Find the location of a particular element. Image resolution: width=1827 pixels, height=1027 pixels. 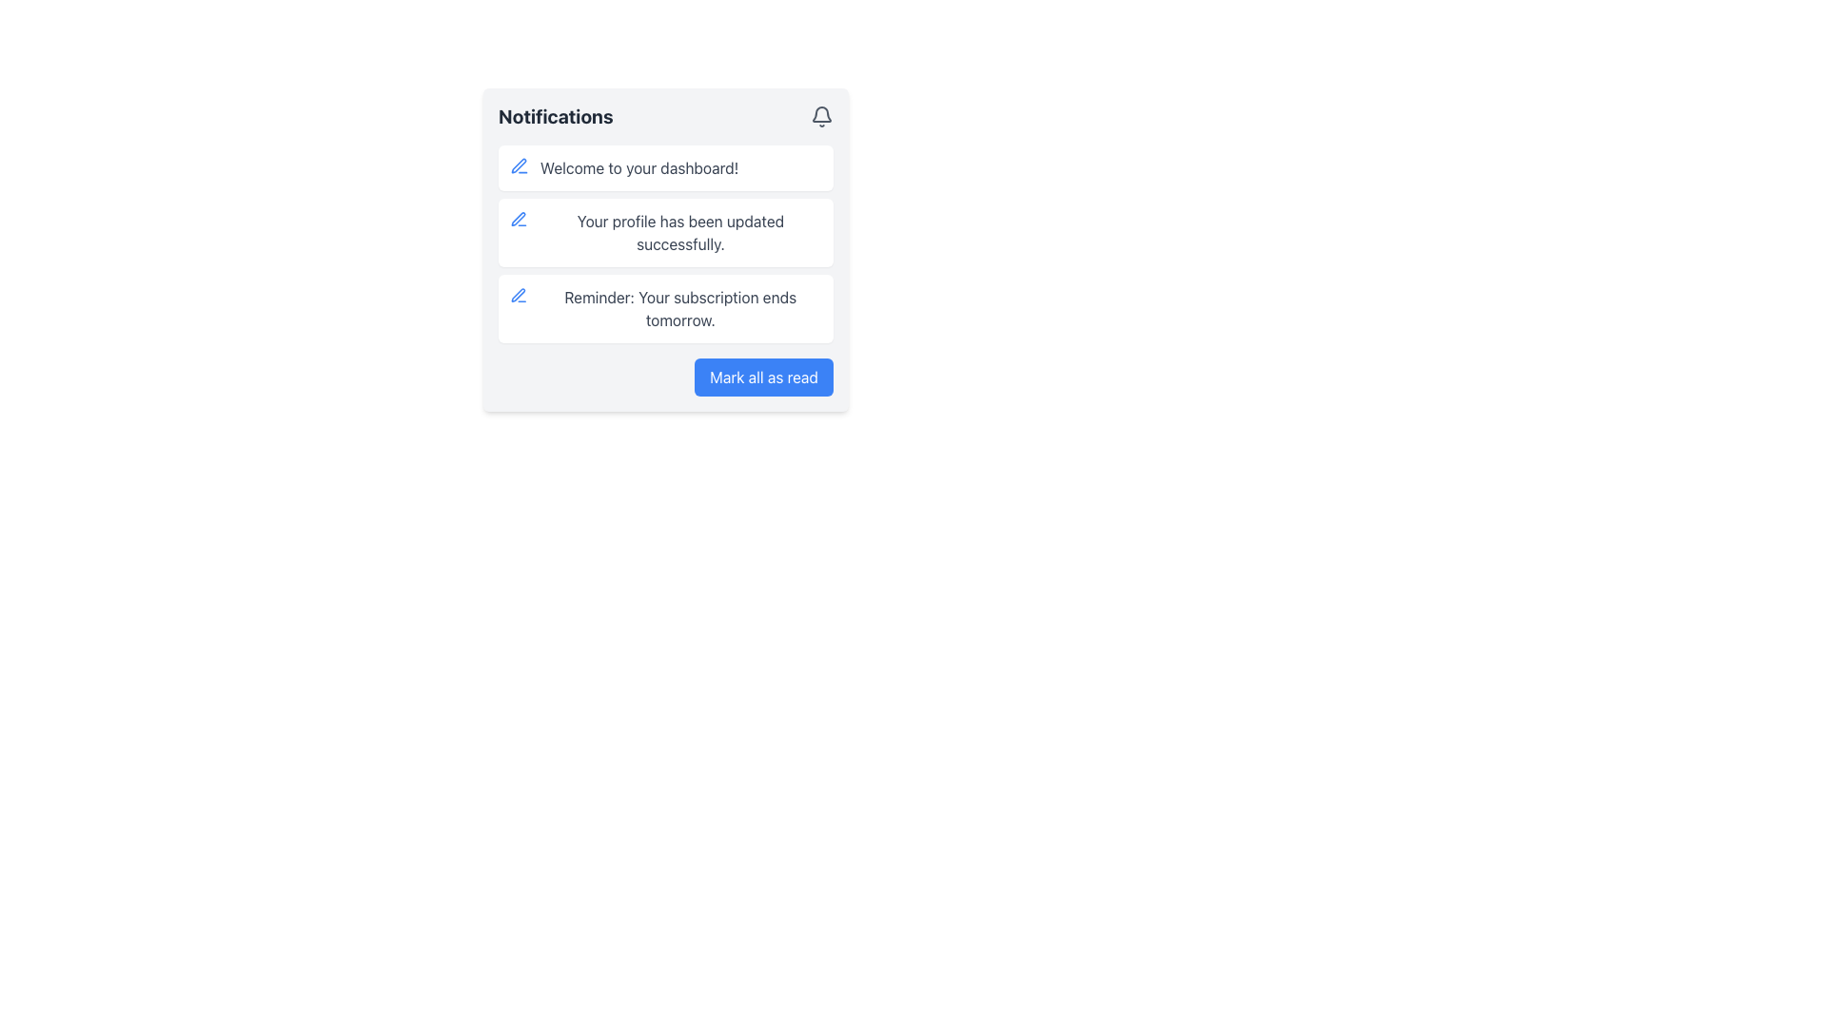

the blue pen icon located to the left of the notification message 'Reminder: Your subscription ends tomorrow.' is located at coordinates (519, 296).